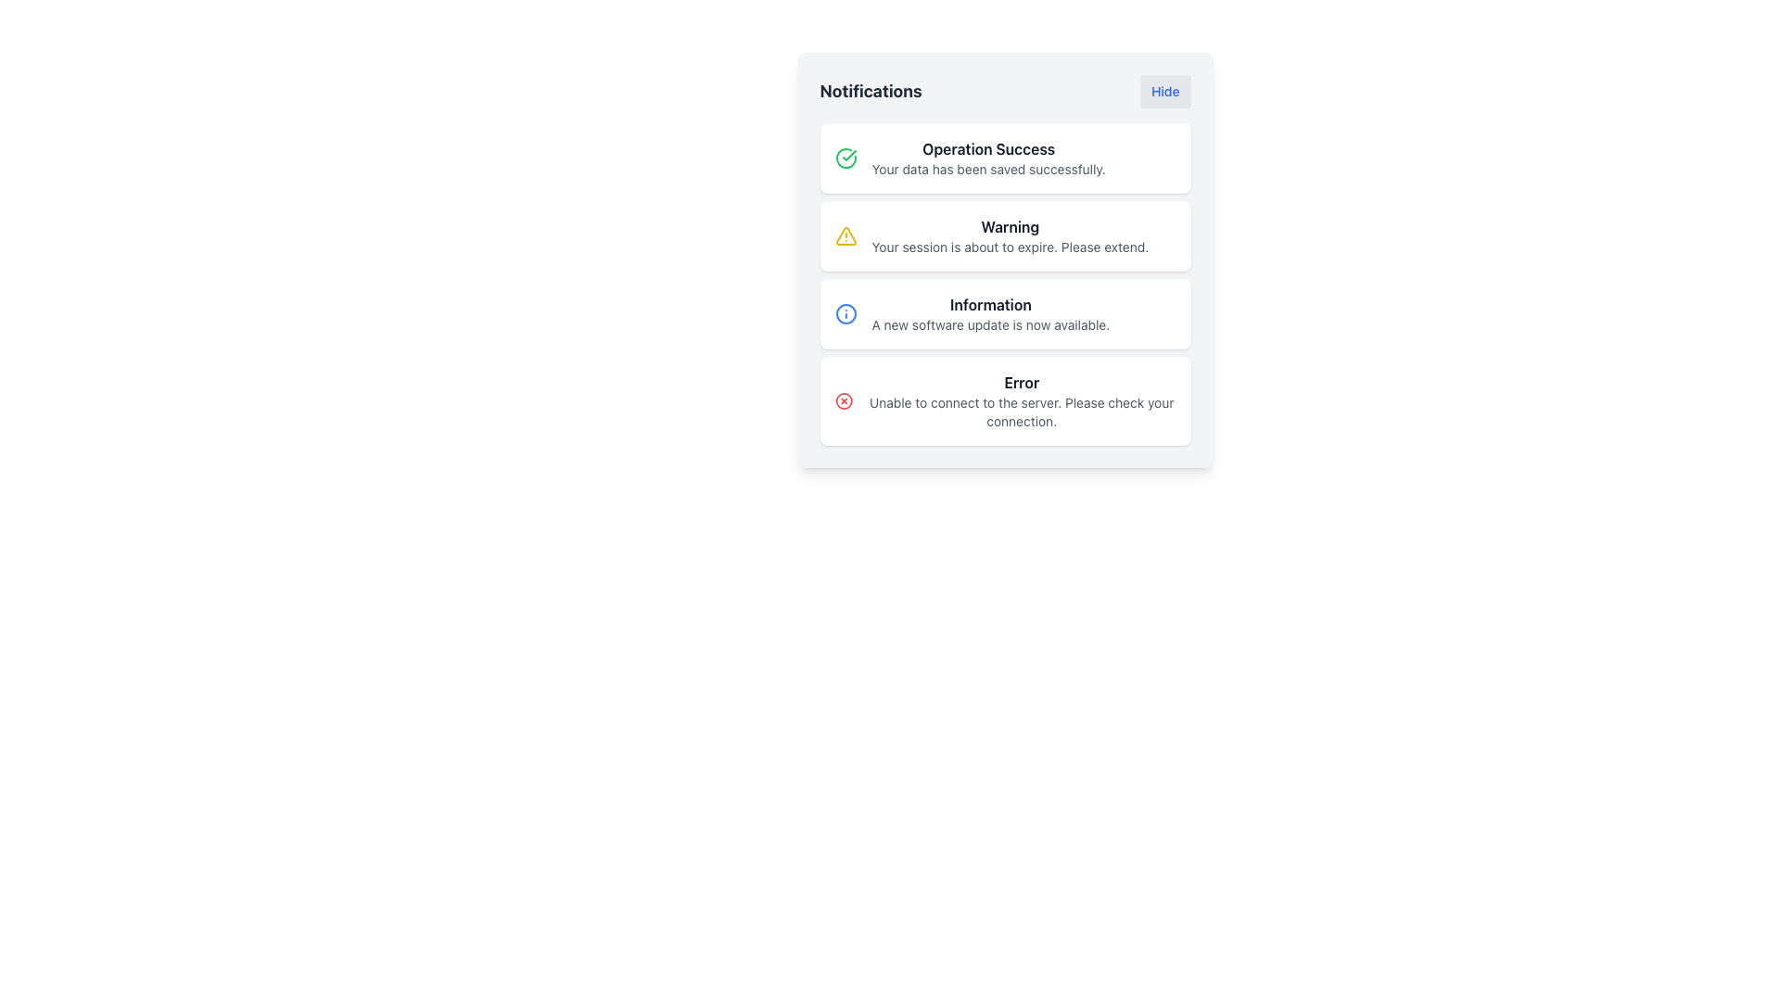 Image resolution: width=1780 pixels, height=1001 pixels. Describe the element at coordinates (1009, 234) in the screenshot. I see `the warning displayed in the text component, which features a bold 'Warning' heading and a message about session expiration` at that location.